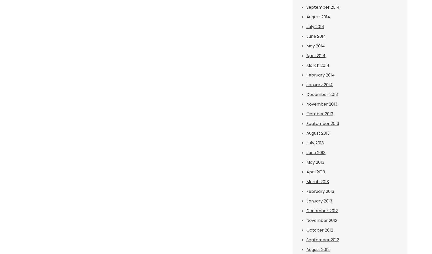  What do you see at coordinates (319, 201) in the screenshot?
I see `'January 2013'` at bounding box center [319, 201].